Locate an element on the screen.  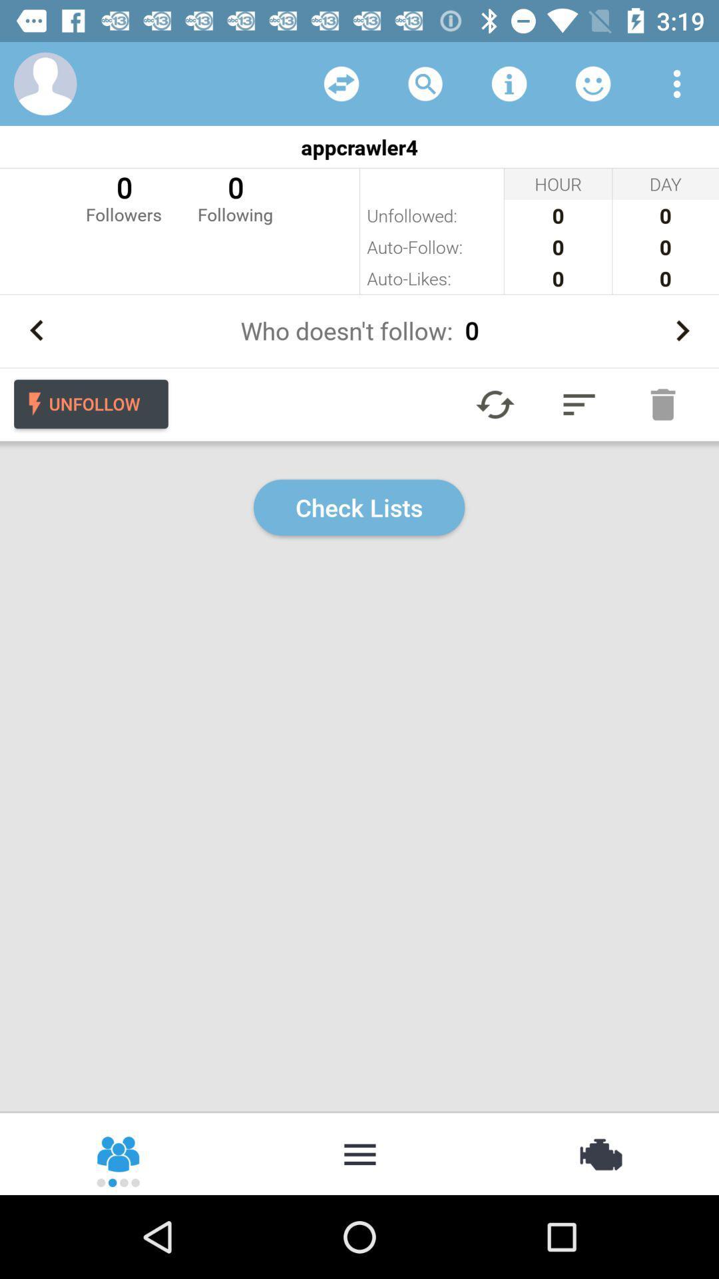
the more icon is located at coordinates (359, 1152).